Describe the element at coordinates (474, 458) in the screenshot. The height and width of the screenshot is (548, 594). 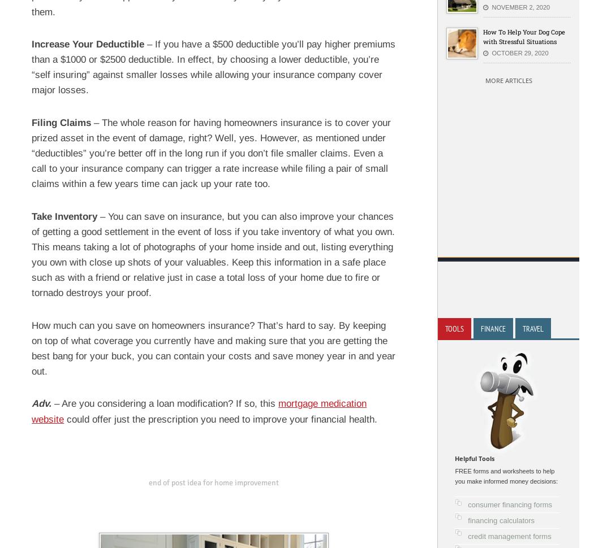
I see `'Helpful Tools'` at that location.